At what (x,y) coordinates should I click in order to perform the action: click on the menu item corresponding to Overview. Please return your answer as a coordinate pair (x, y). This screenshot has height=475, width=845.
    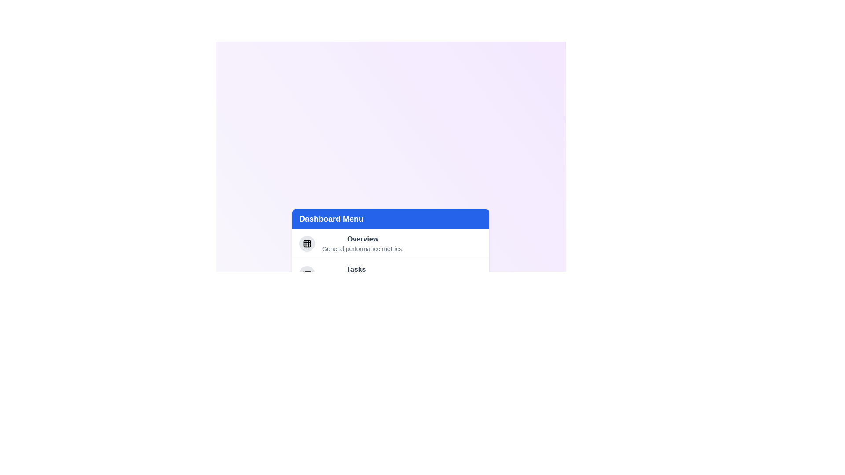
    Looking at the image, I should click on (390, 243).